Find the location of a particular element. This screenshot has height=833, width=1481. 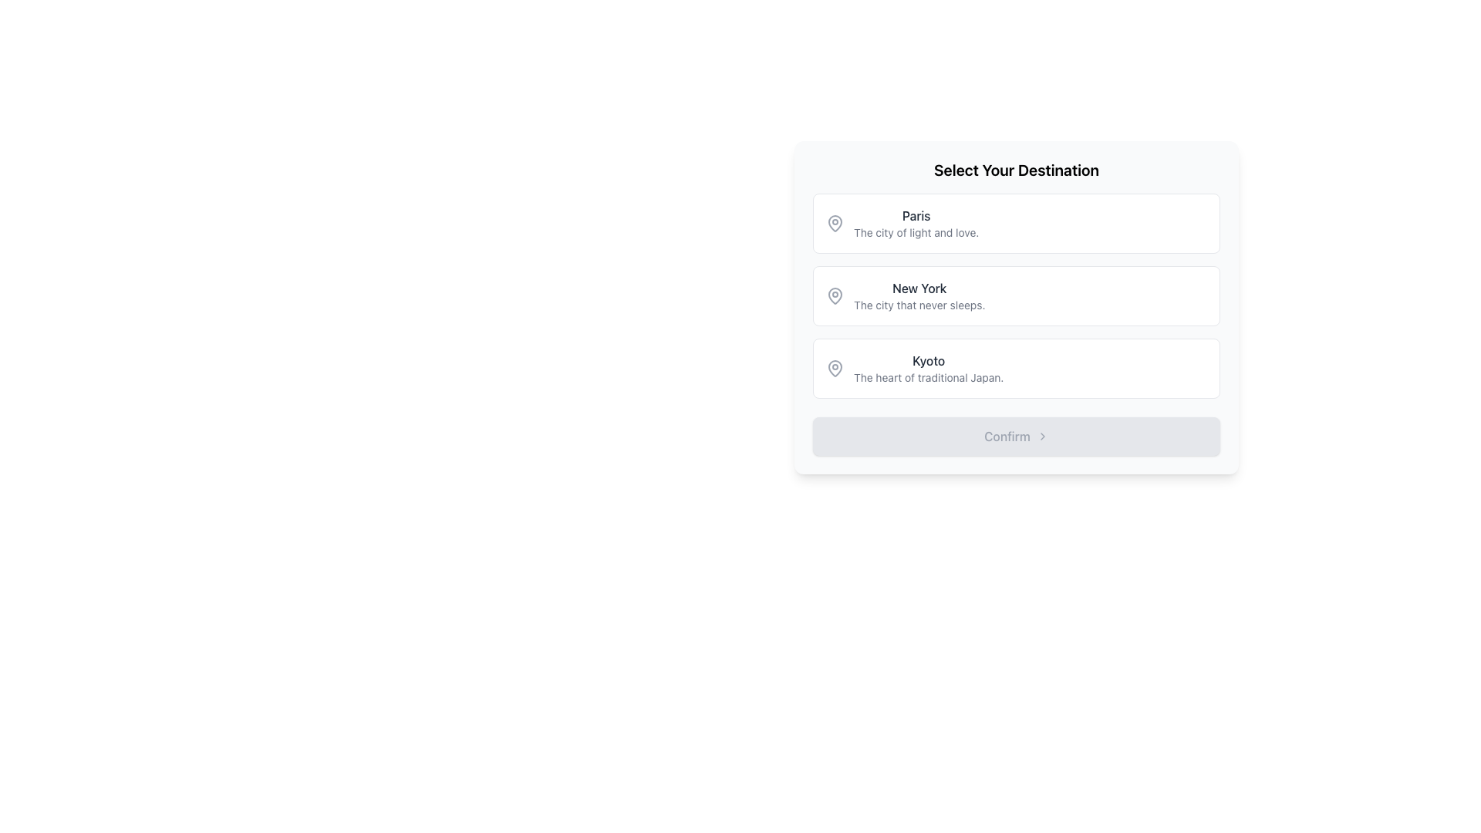

the selectable list item titled 'New York' which is the second entry in the list of destinations for keyboard navigation is located at coordinates (1017, 307).